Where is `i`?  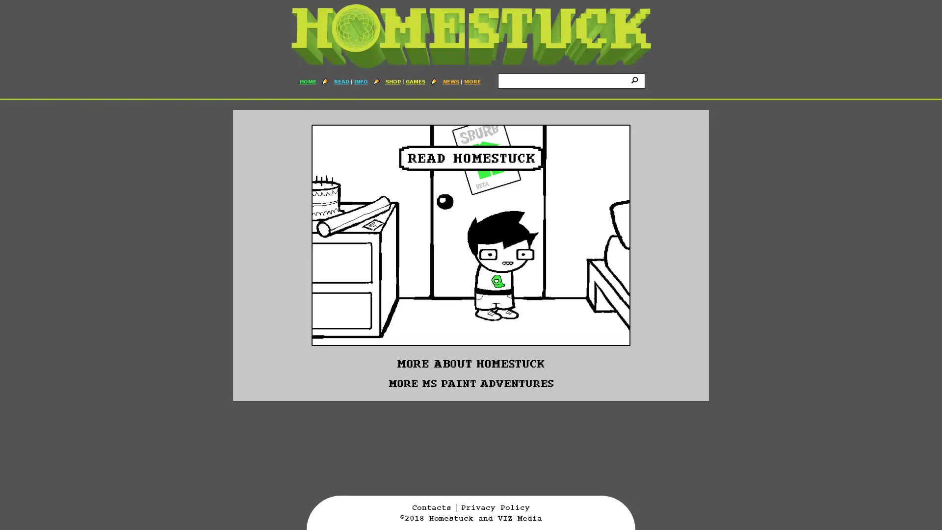
i is located at coordinates (636, 79).